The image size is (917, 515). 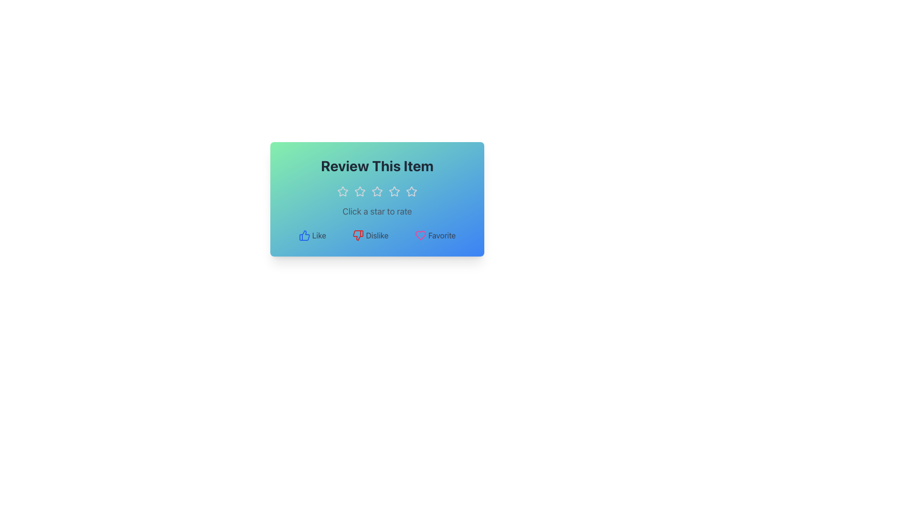 I want to click on the 'Dislike' button, which features a red thumbs-down icon and gray text, located centrally below the rating star section, so click(x=370, y=235).